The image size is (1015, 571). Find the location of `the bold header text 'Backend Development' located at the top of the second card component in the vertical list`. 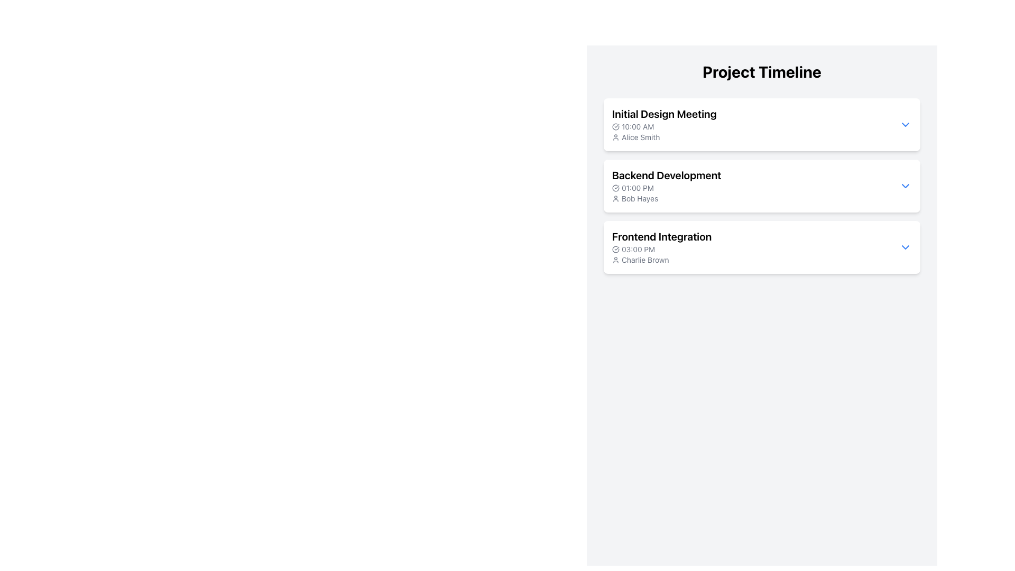

the bold header text 'Backend Development' located at the top of the second card component in the vertical list is located at coordinates (666, 174).